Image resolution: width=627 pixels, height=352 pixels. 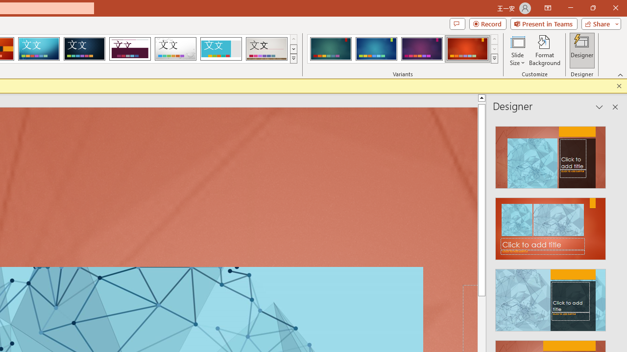 I want to click on 'Themes', so click(x=293, y=59).